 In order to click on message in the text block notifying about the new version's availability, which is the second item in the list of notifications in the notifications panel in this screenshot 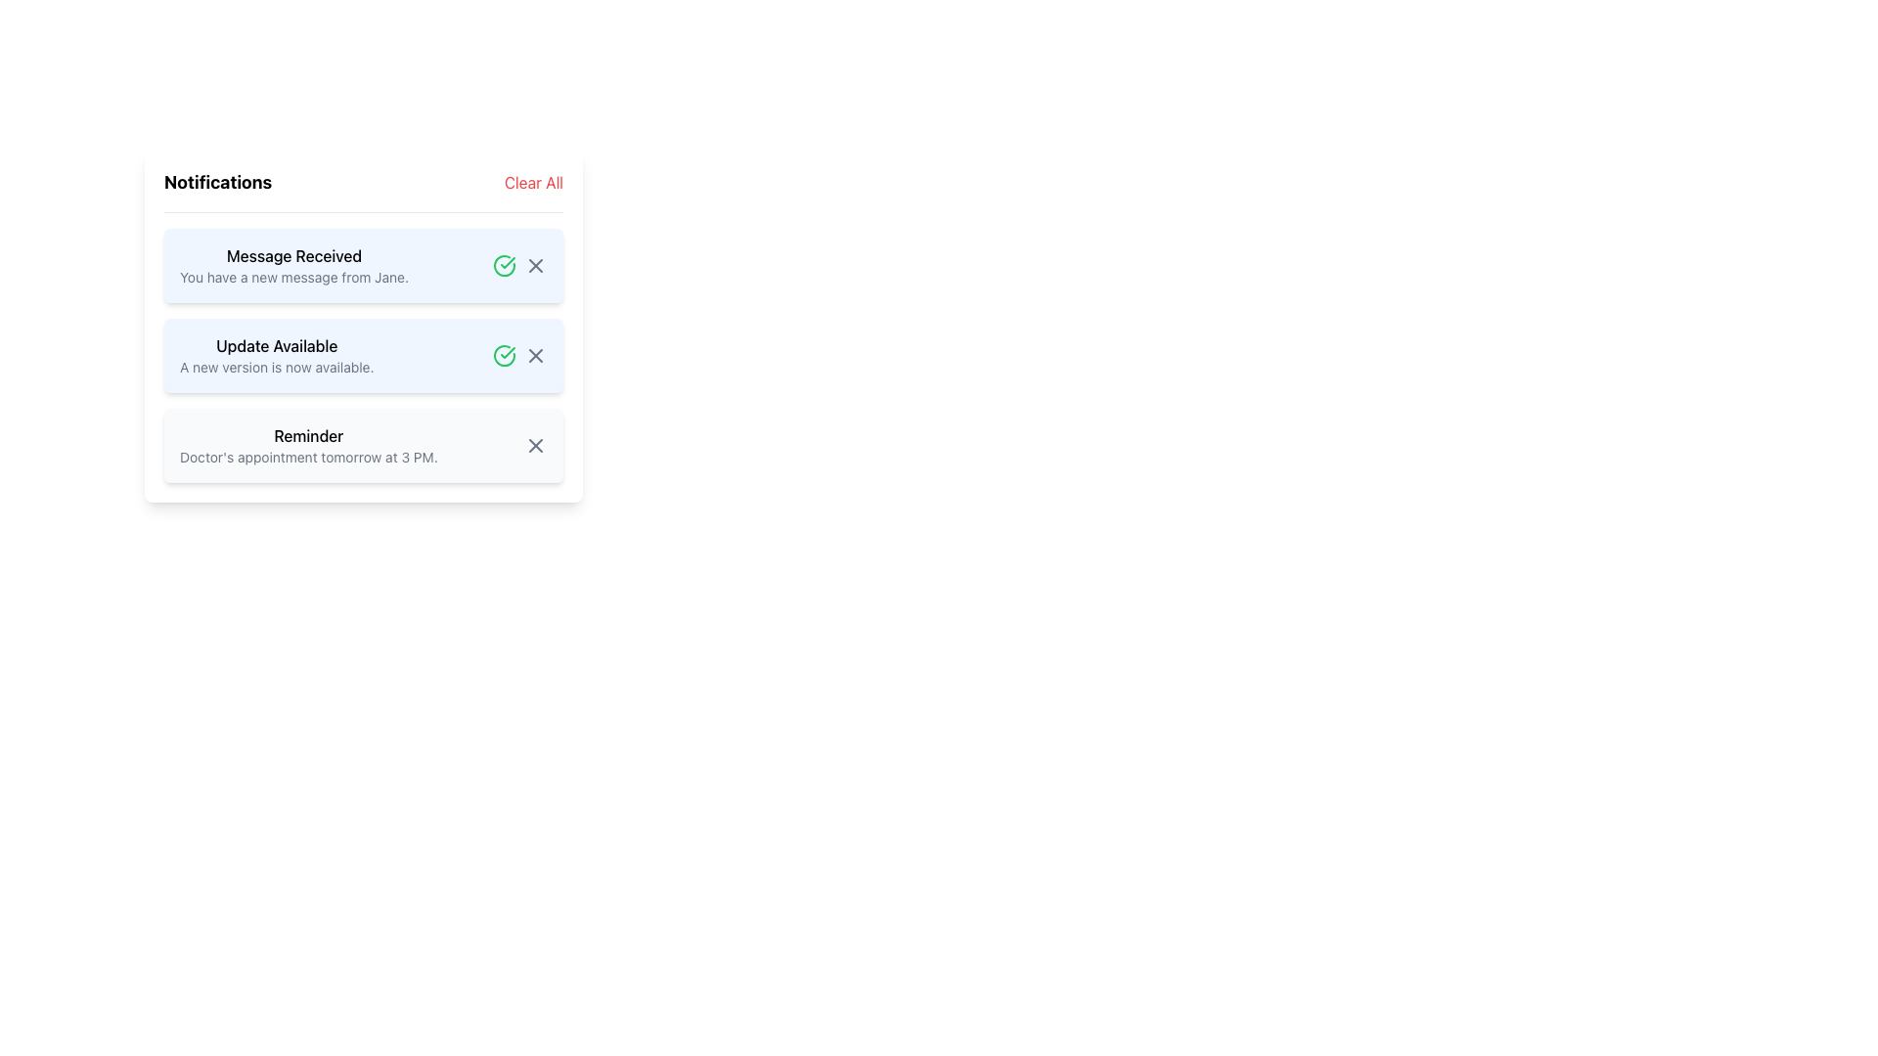, I will do `click(276, 355)`.